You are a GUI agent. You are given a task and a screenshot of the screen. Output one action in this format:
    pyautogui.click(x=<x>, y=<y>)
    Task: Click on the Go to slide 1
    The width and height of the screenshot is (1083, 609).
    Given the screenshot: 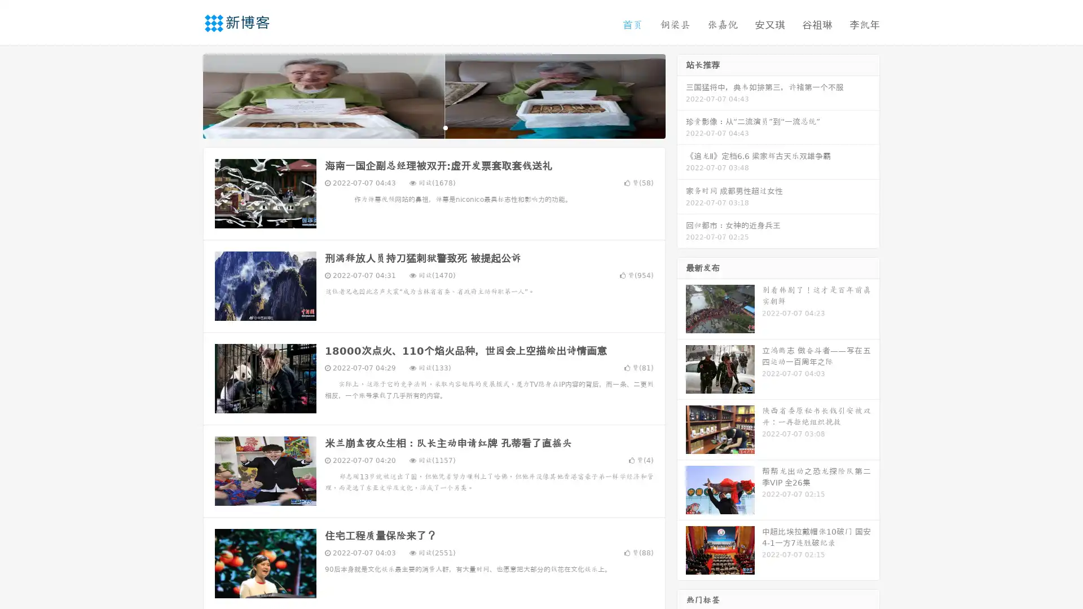 What is the action you would take?
    pyautogui.click(x=422, y=127)
    